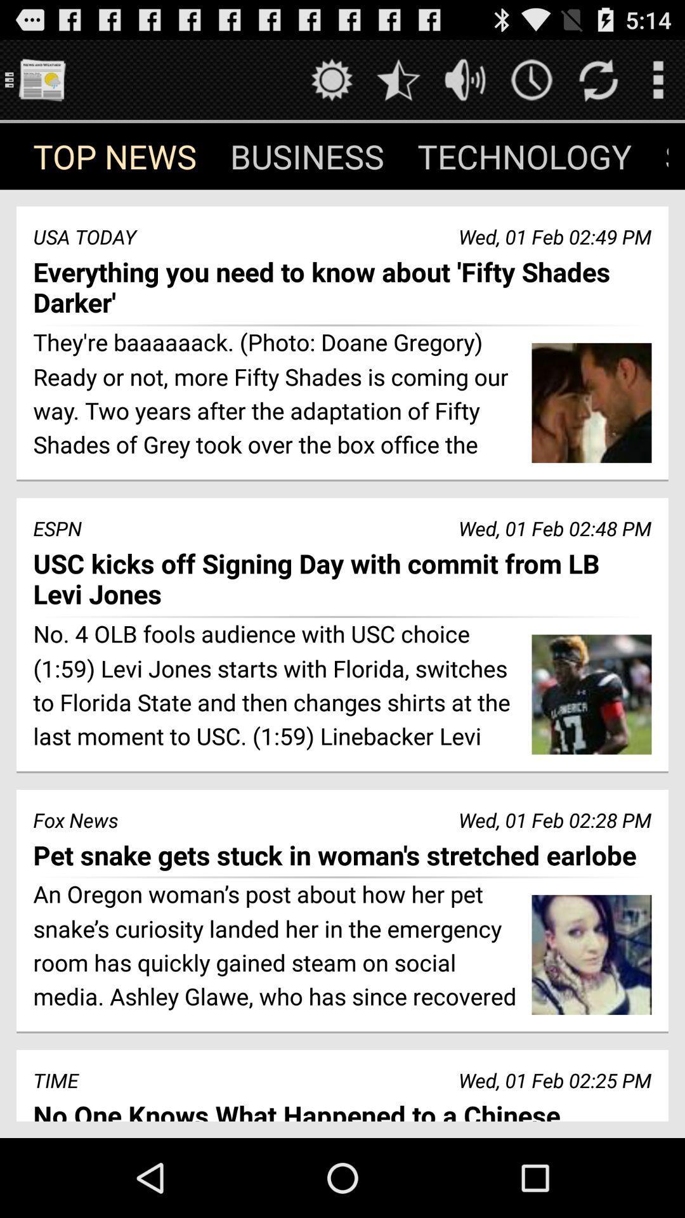  Describe the element at coordinates (398, 79) in the screenshot. I see `favorites` at that location.